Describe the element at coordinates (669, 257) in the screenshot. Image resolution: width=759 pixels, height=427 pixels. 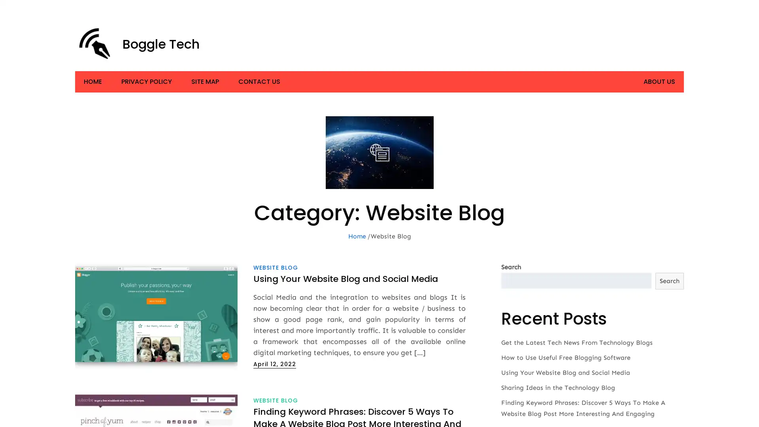
I see `Search` at that location.